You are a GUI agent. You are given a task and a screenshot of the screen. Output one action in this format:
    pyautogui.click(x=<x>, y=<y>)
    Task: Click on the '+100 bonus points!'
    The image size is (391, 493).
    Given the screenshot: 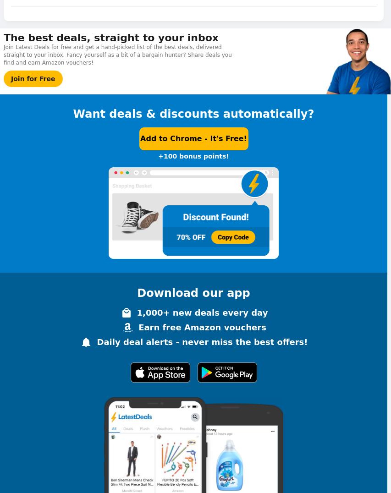 What is the action you would take?
    pyautogui.click(x=193, y=156)
    